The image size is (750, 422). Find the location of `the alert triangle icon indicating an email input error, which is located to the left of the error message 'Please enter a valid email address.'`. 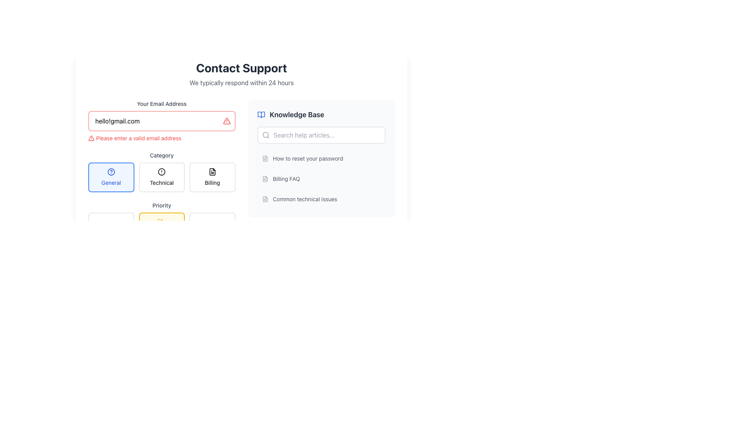

the alert triangle icon indicating an email input error, which is located to the left of the error message 'Please enter a valid email address.' is located at coordinates (91, 138).